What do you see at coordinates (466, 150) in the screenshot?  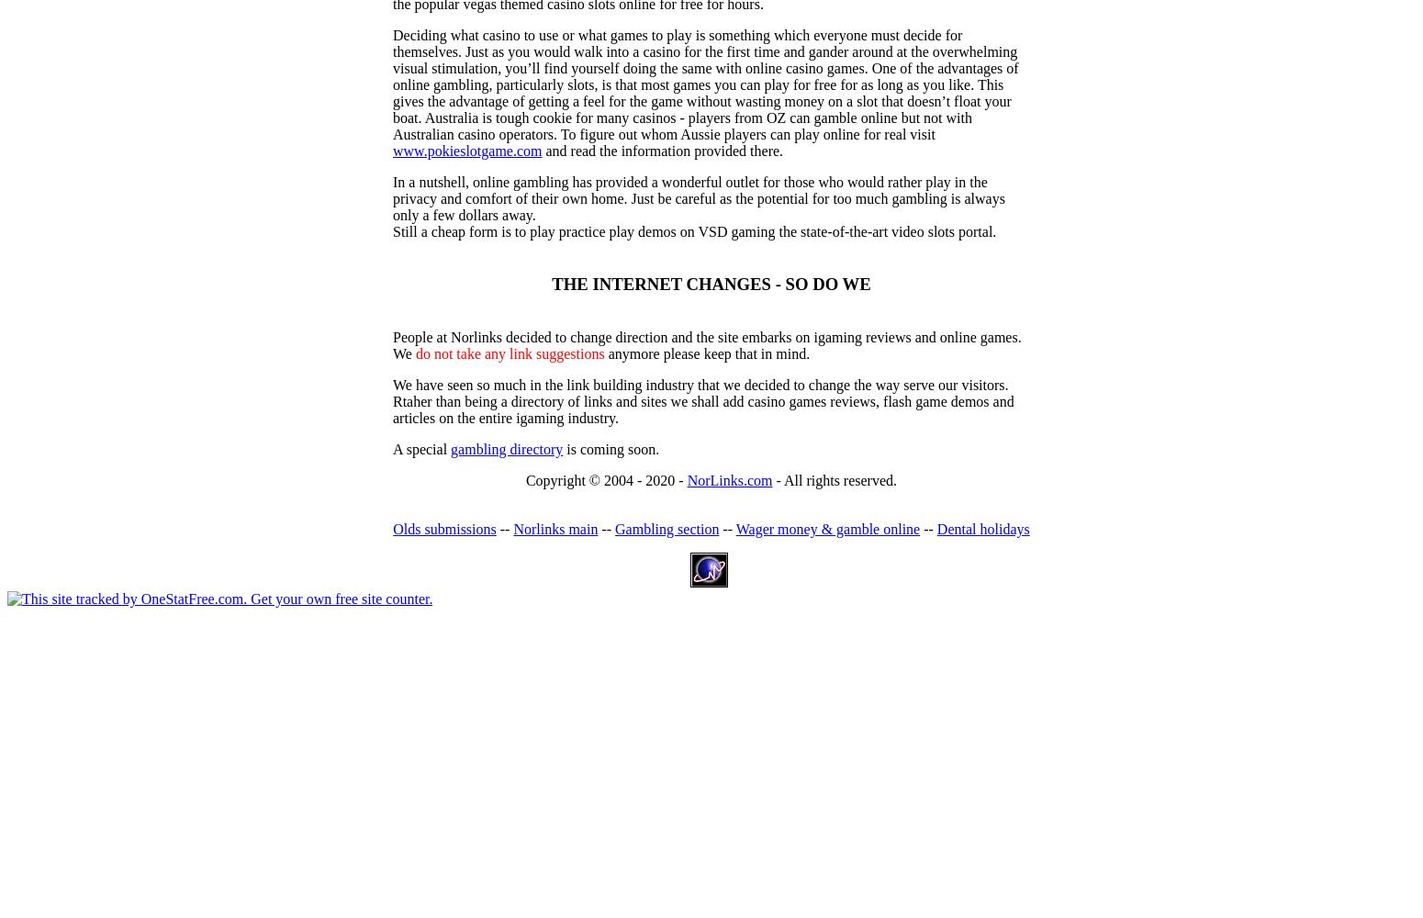 I see `'www.pokieslotgame.com'` at bounding box center [466, 150].